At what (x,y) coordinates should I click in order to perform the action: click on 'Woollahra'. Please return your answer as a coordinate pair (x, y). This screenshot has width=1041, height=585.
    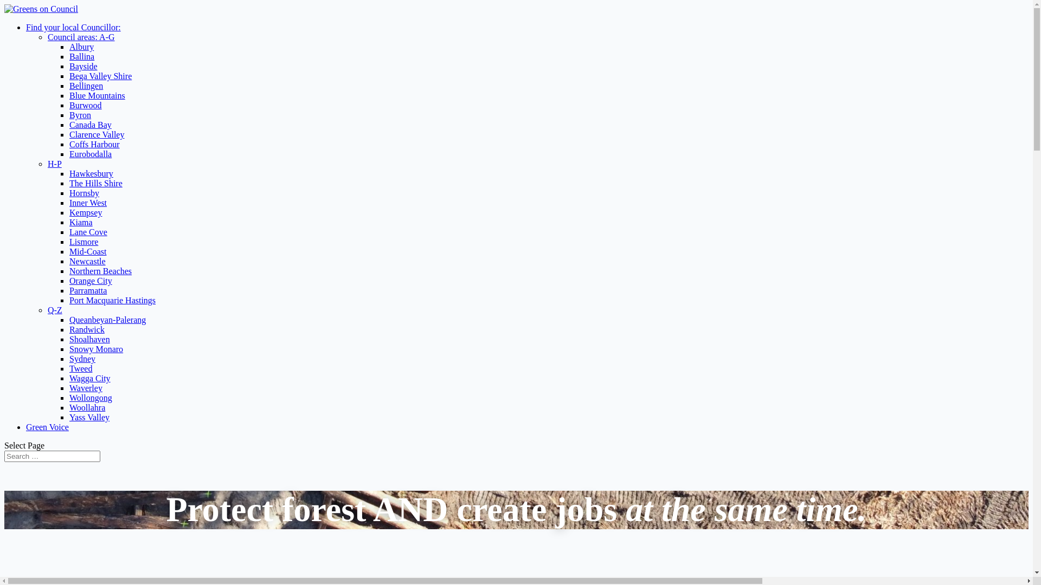
    Looking at the image, I should click on (87, 407).